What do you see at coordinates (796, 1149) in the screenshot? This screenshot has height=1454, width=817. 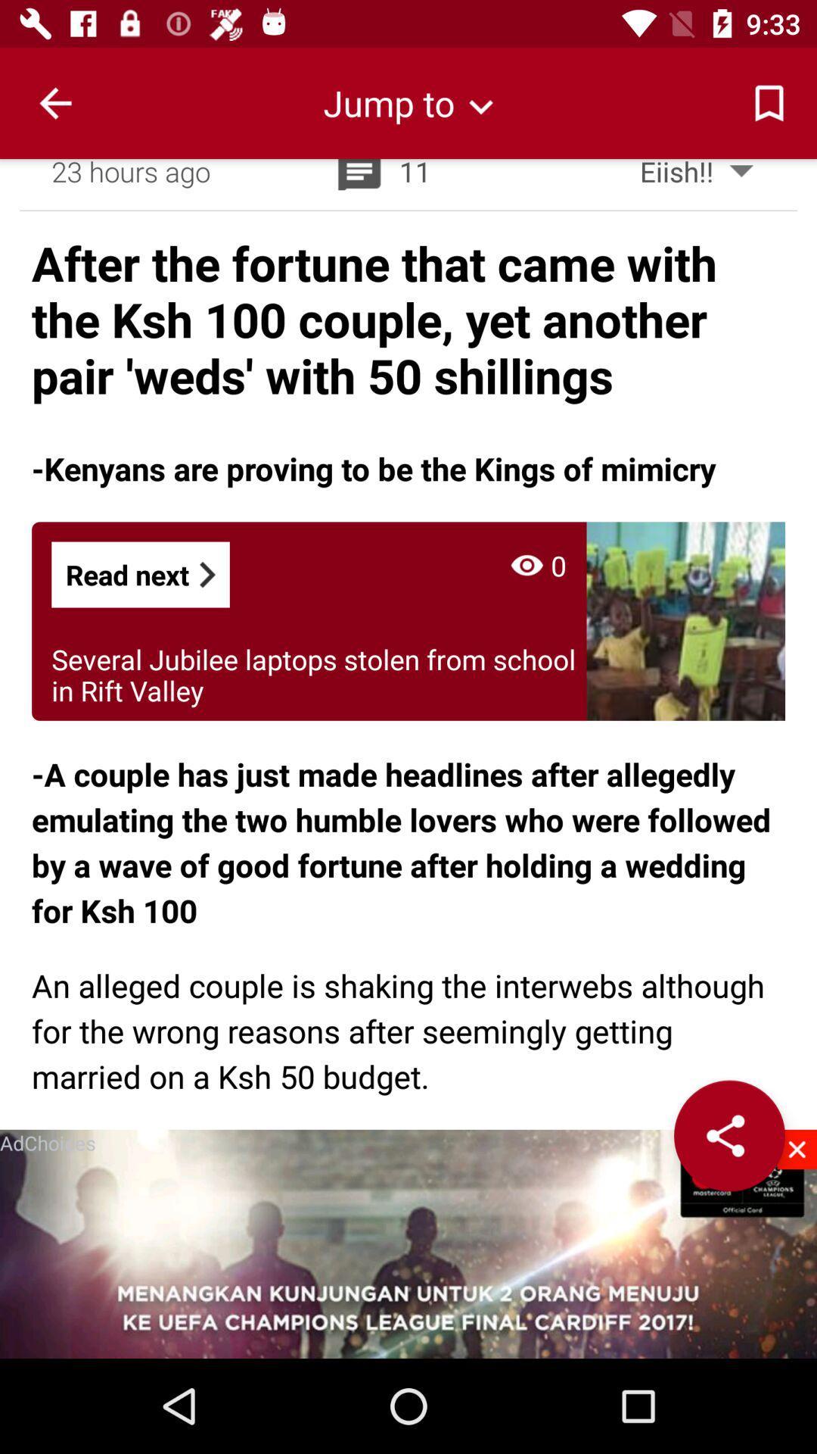 I see `the advertisement` at bounding box center [796, 1149].